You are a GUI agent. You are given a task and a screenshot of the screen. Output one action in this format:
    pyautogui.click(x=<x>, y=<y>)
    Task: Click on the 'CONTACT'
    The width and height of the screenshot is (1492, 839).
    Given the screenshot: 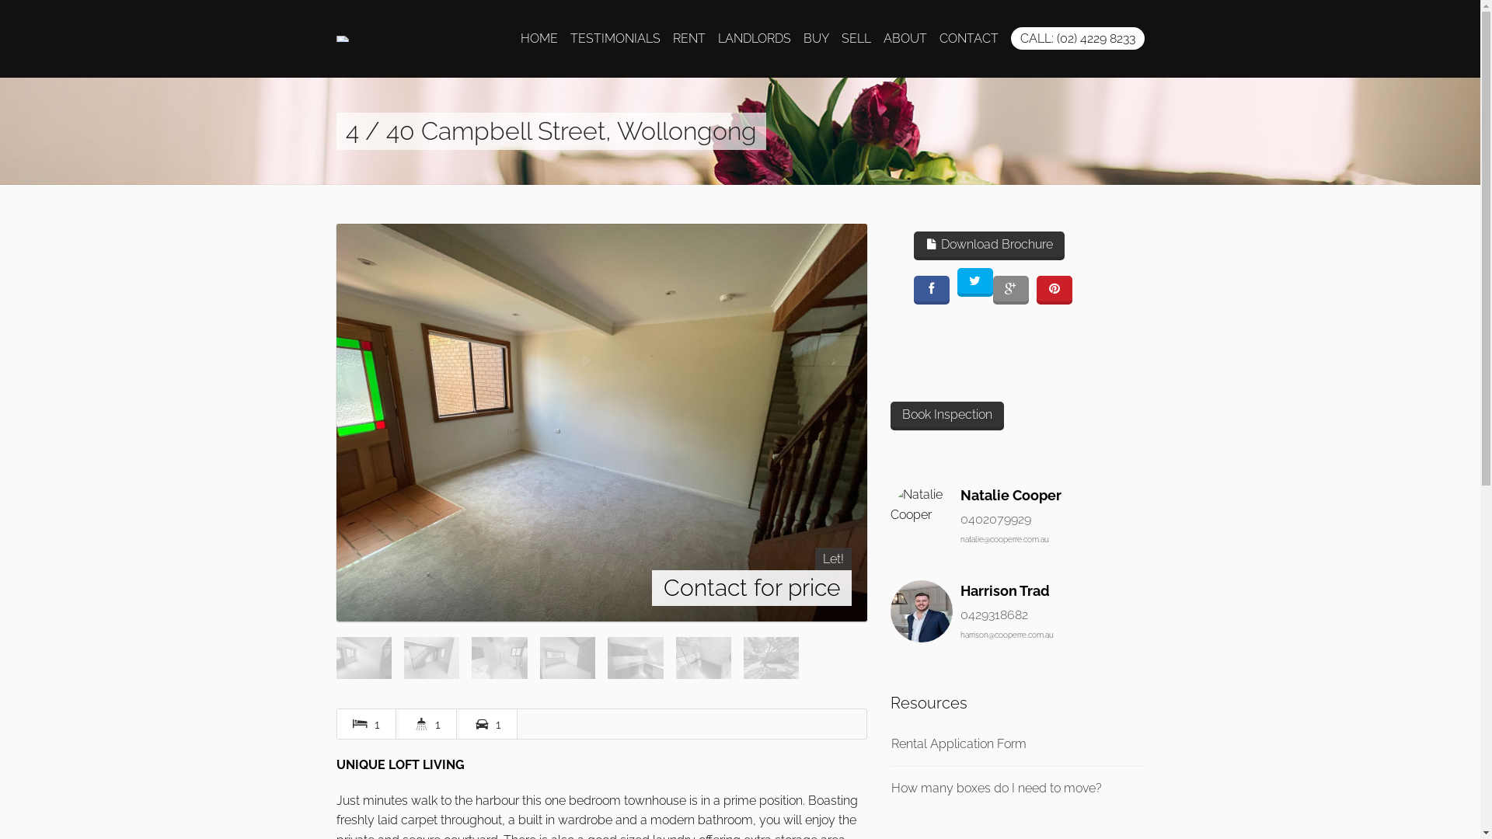 What is the action you would take?
    pyautogui.click(x=967, y=38)
    